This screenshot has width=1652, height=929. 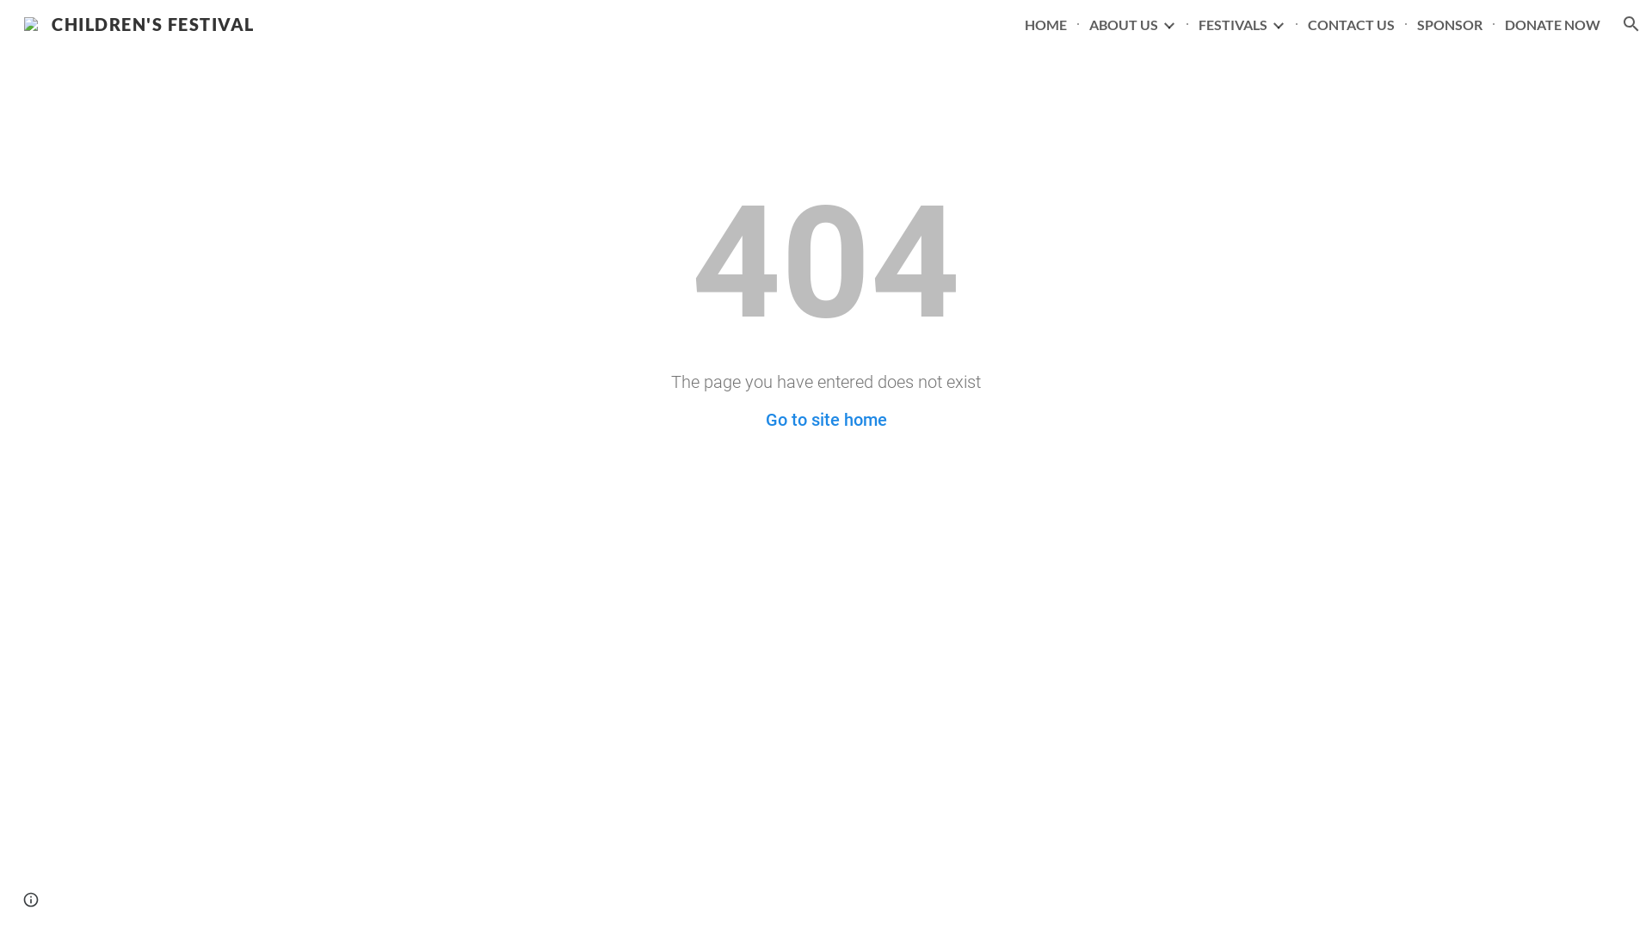 What do you see at coordinates (1448, 23) in the screenshot?
I see `'SPONSOR'` at bounding box center [1448, 23].